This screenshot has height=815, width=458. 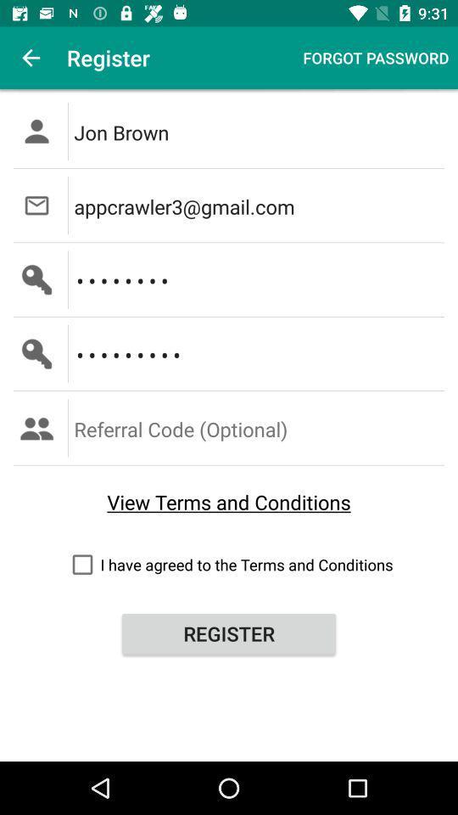 What do you see at coordinates (260, 353) in the screenshot?
I see `the crowd3116 icon` at bounding box center [260, 353].